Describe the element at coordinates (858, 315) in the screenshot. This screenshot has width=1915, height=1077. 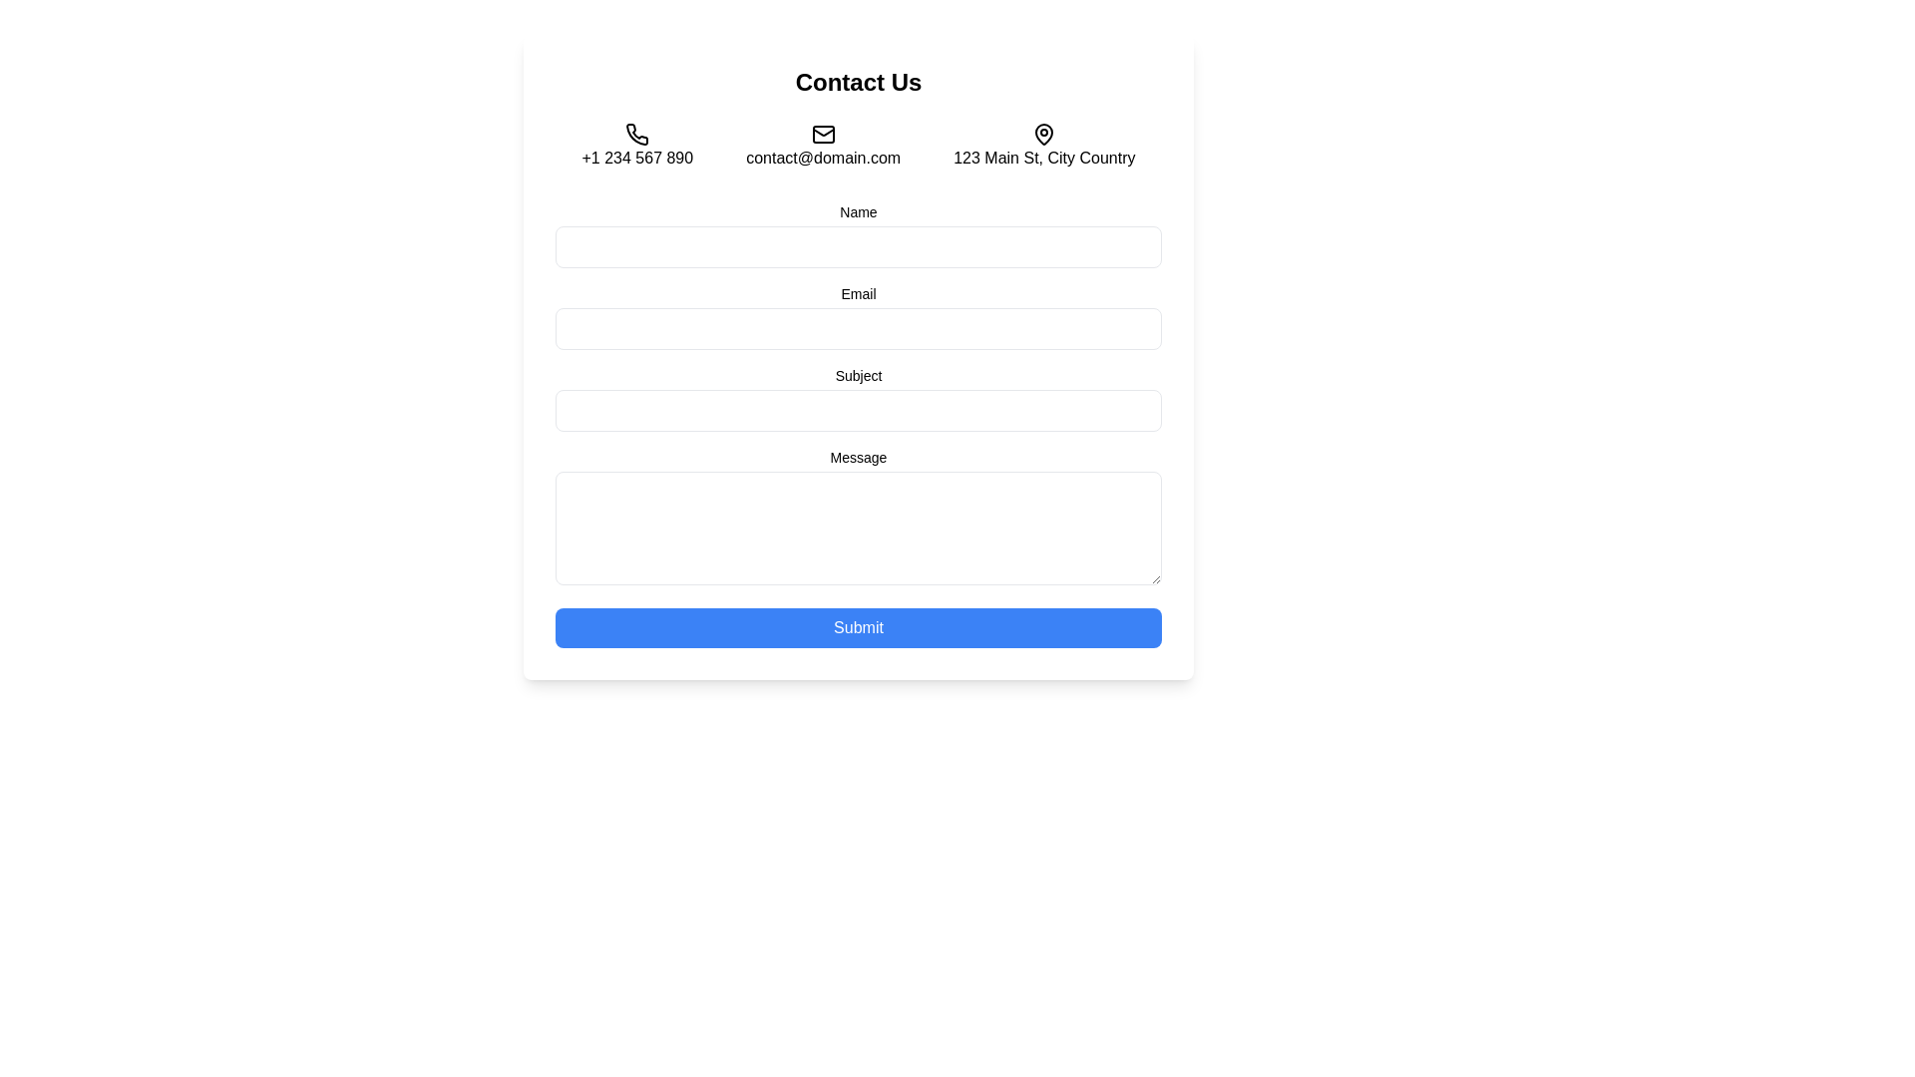
I see `the Email input field located in the form, which is the second input field after the 'Name' input` at that location.